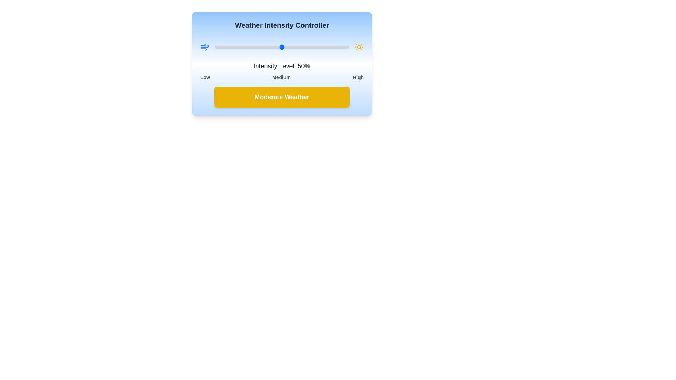 This screenshot has width=676, height=380. I want to click on the slider to set the weather intensity to 71%, so click(310, 47).